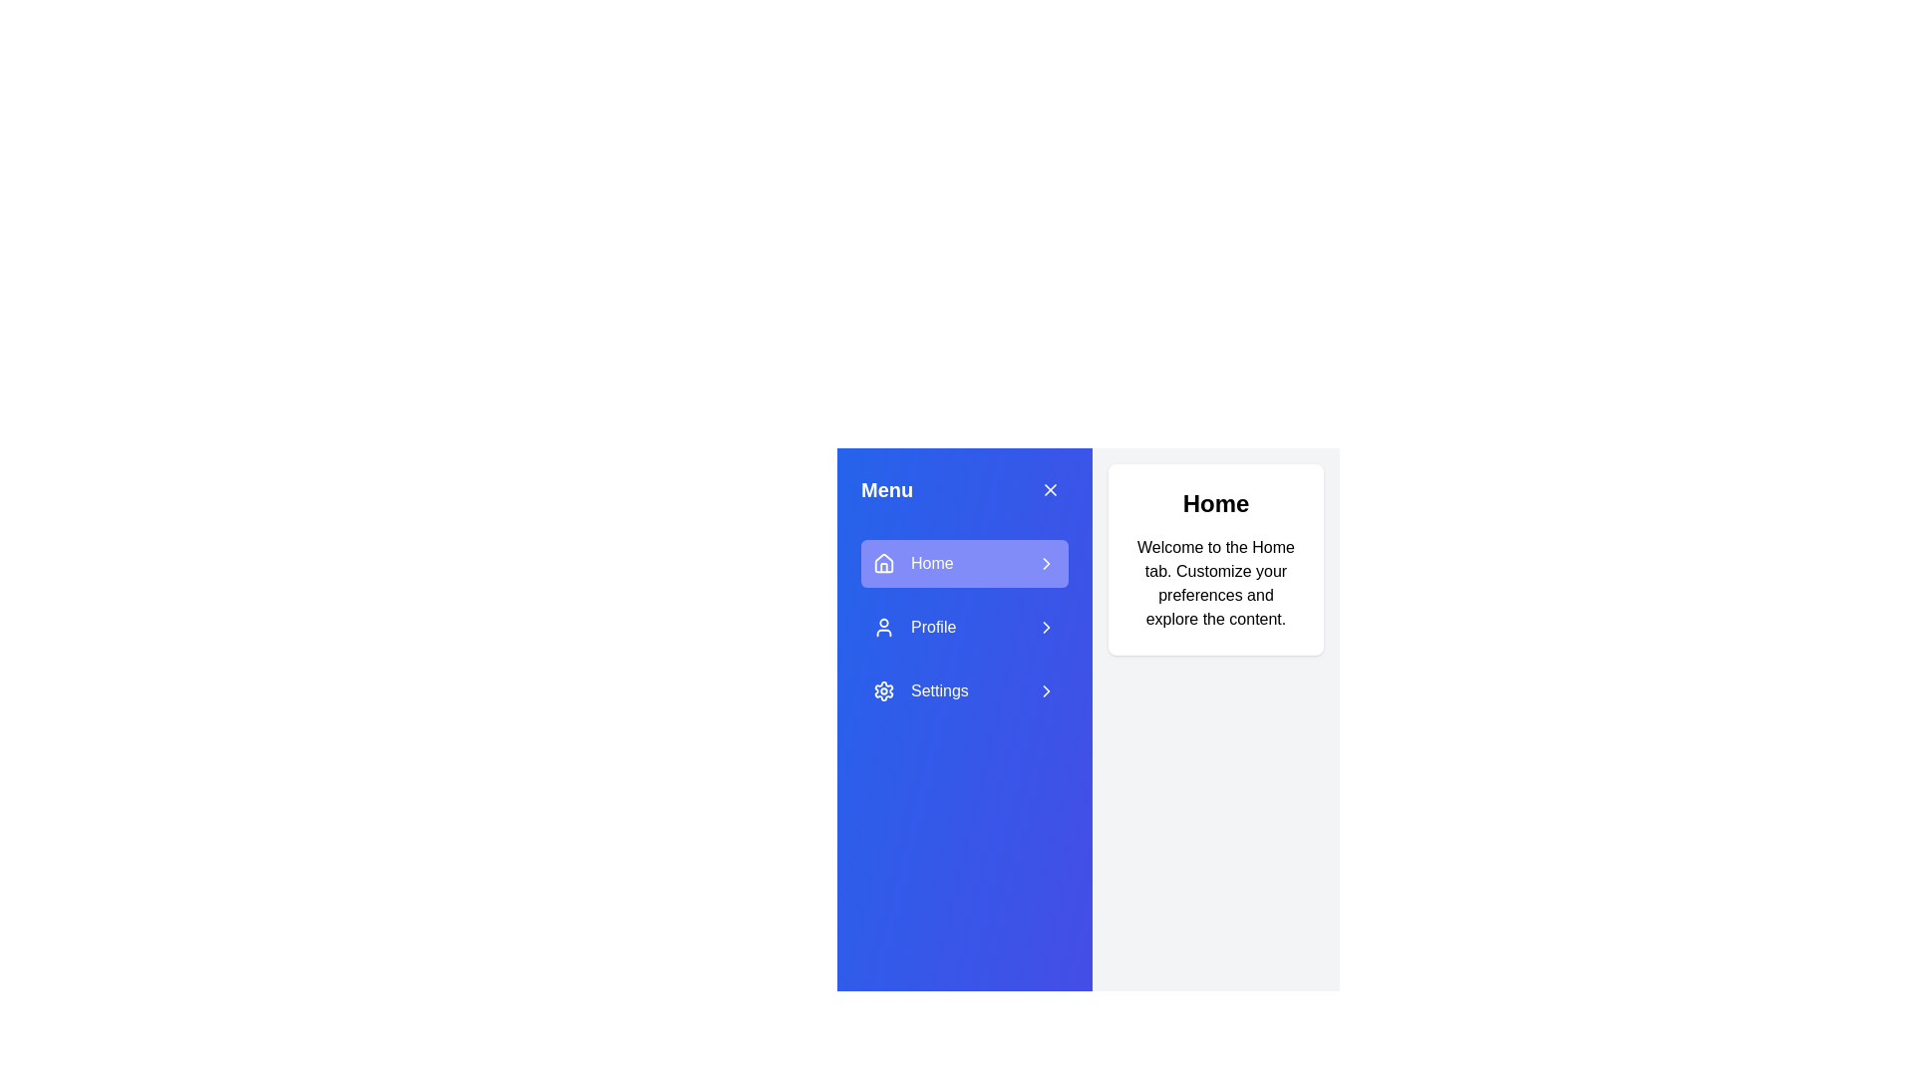 The image size is (1914, 1076). What do you see at coordinates (1046, 626) in the screenshot?
I see `the arrow icon located to the right of the 'Profile' text in the sidebar menu` at bounding box center [1046, 626].